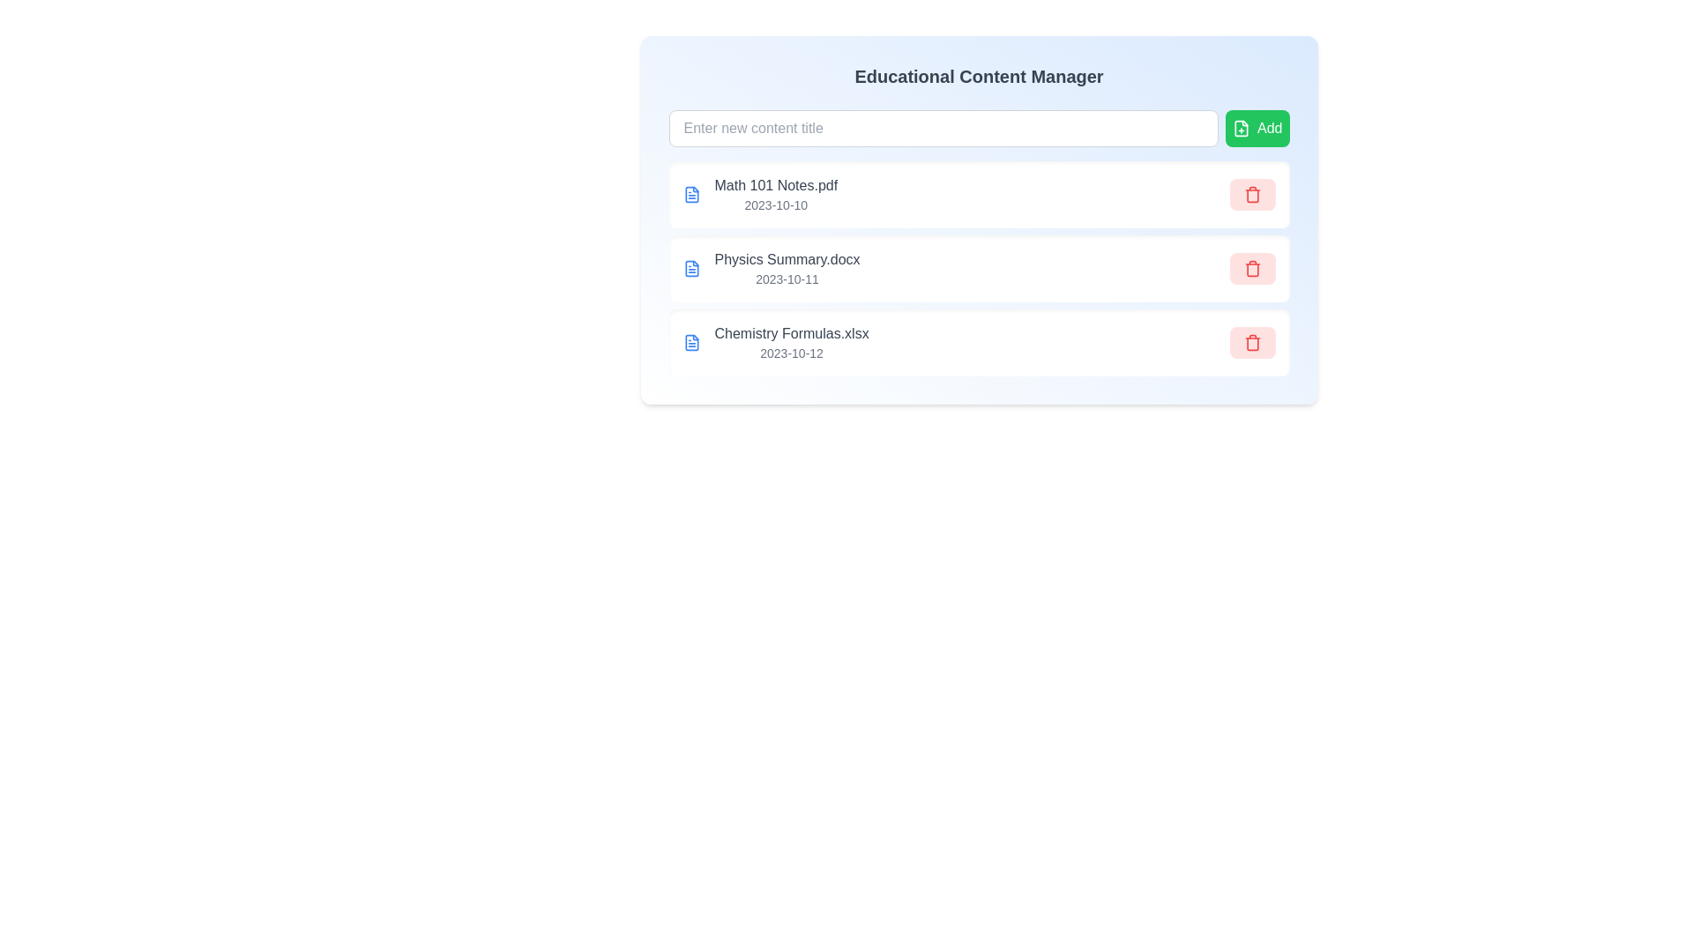  I want to click on the red delete button with a trash can icon located in the second row, far-right position of the list, so click(1251, 268).